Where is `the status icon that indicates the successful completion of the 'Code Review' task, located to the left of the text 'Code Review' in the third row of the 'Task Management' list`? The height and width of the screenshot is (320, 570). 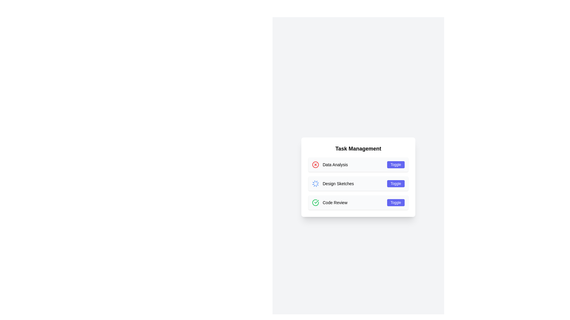
the status icon that indicates the successful completion of the 'Code Review' task, located to the left of the text 'Code Review' in the third row of the 'Task Management' list is located at coordinates (315, 202).